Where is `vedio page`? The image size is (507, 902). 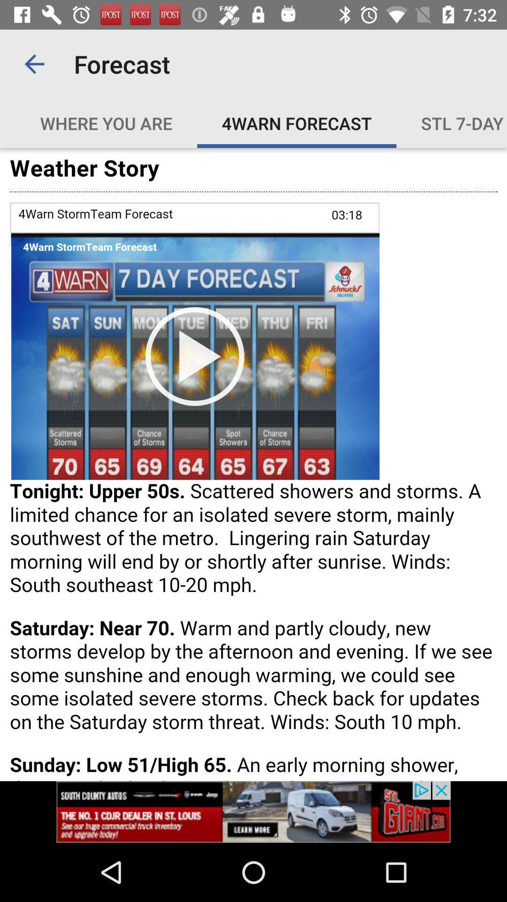 vedio page is located at coordinates (253, 464).